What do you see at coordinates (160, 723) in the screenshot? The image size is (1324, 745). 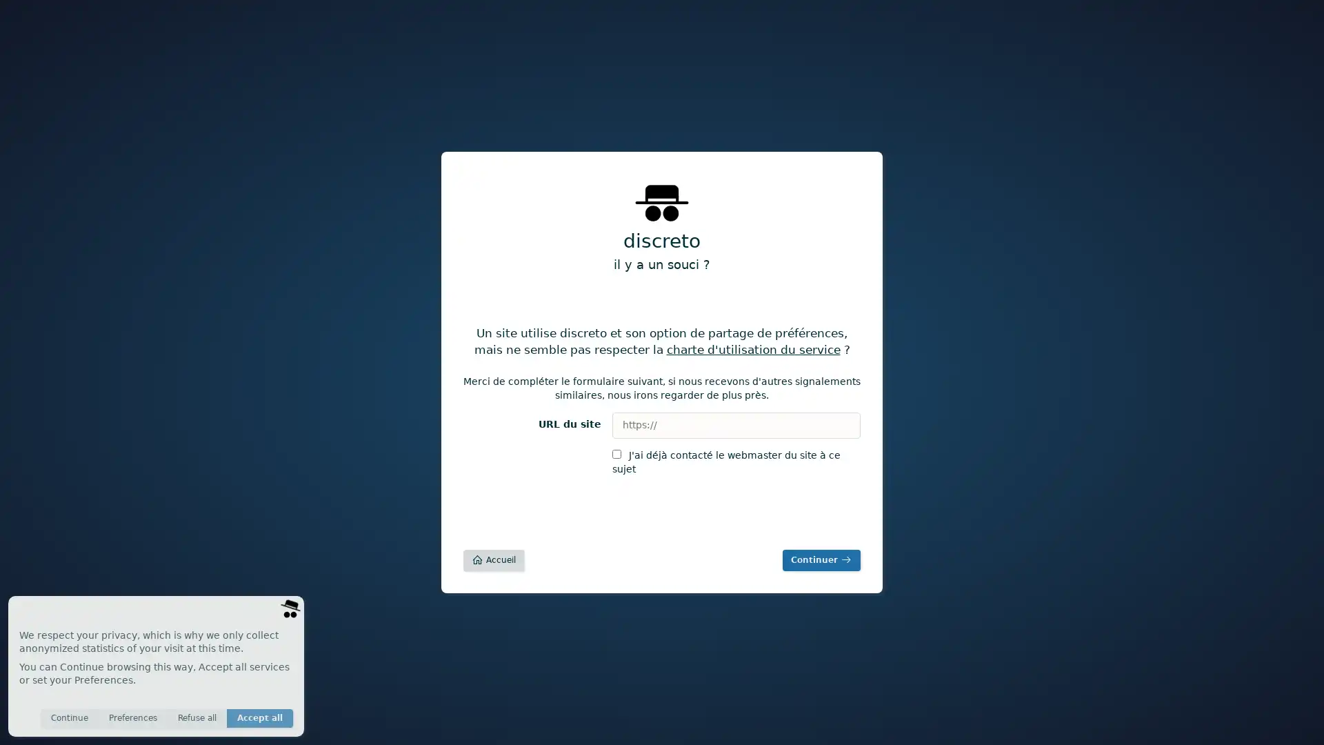 I see `Anonymous` at bounding box center [160, 723].